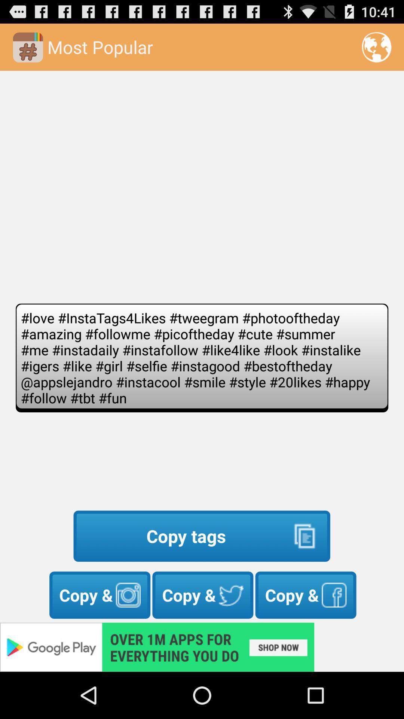 Image resolution: width=404 pixels, height=719 pixels. I want to click on advertisement link, so click(202, 647).